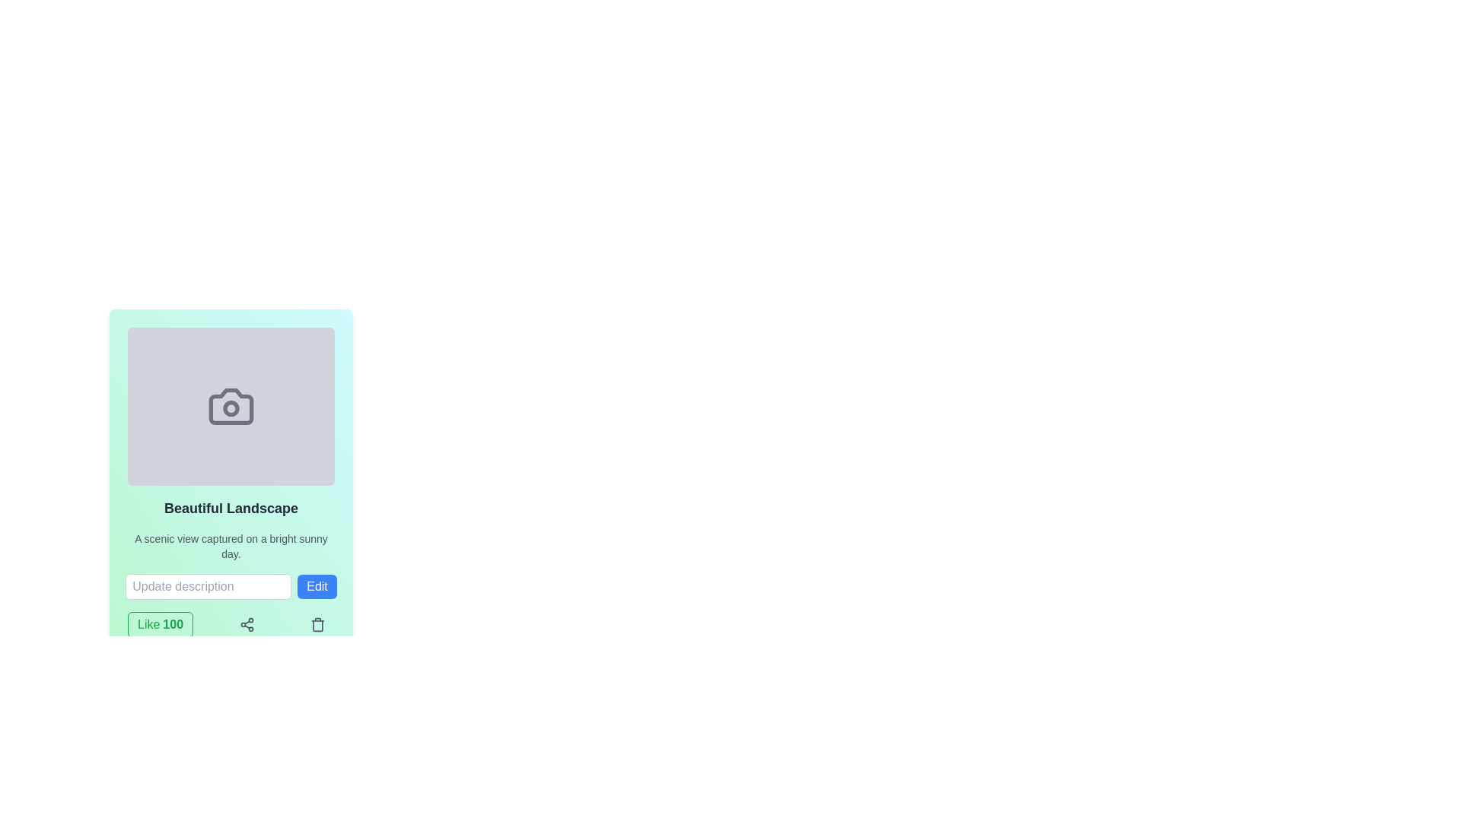  Describe the element at coordinates (173, 624) in the screenshot. I see `the static text element displaying the number of likes, which is located to the right of the 'Like' text in the bottom-left area of the interface` at that location.